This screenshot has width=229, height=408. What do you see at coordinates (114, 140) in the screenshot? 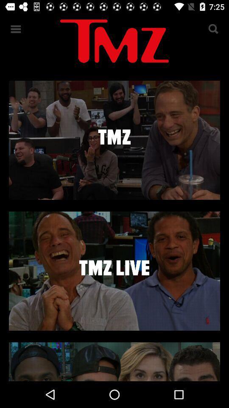
I see `video selection` at bounding box center [114, 140].